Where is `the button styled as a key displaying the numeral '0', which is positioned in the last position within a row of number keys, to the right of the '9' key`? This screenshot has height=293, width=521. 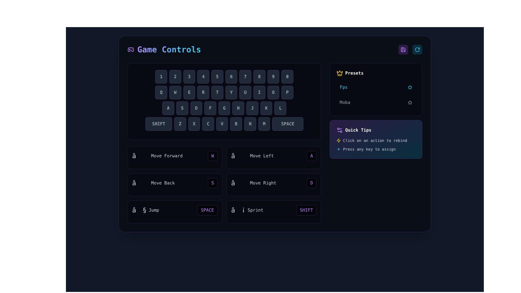 the button styled as a key displaying the numeral '0', which is positioned in the last position within a row of number keys, to the right of the '9' key is located at coordinates (287, 77).